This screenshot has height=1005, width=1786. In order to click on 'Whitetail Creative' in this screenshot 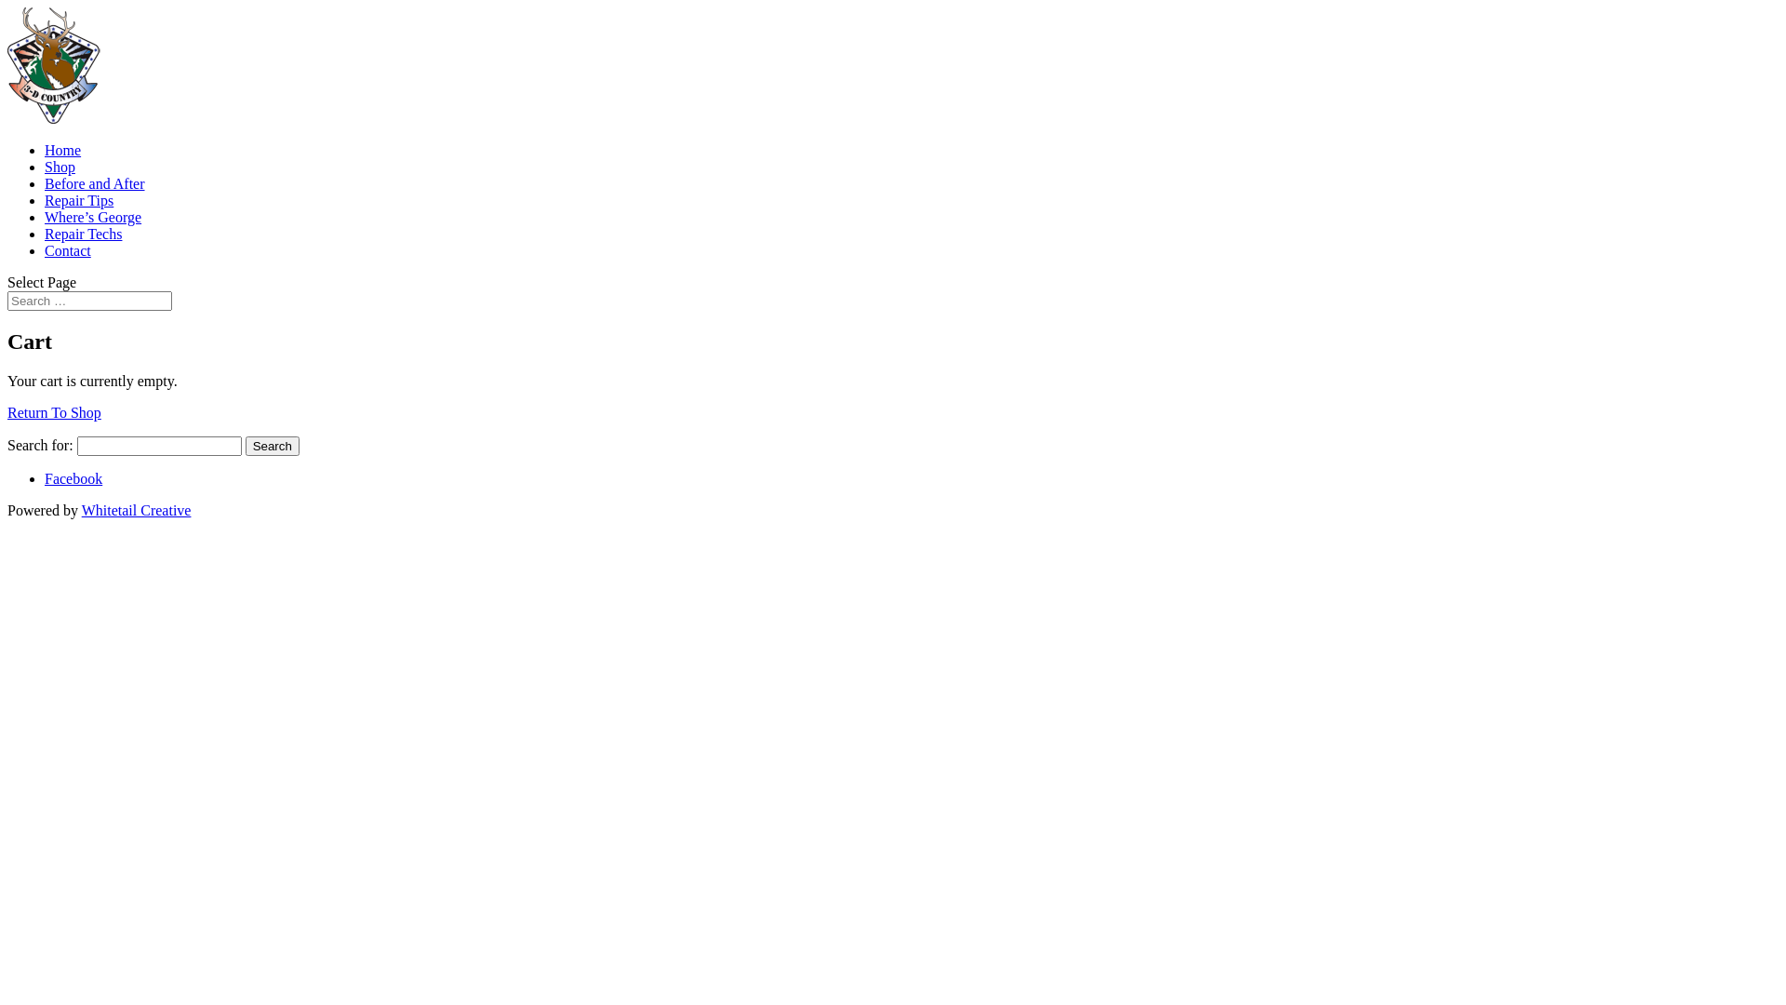, I will do `click(136, 510)`.